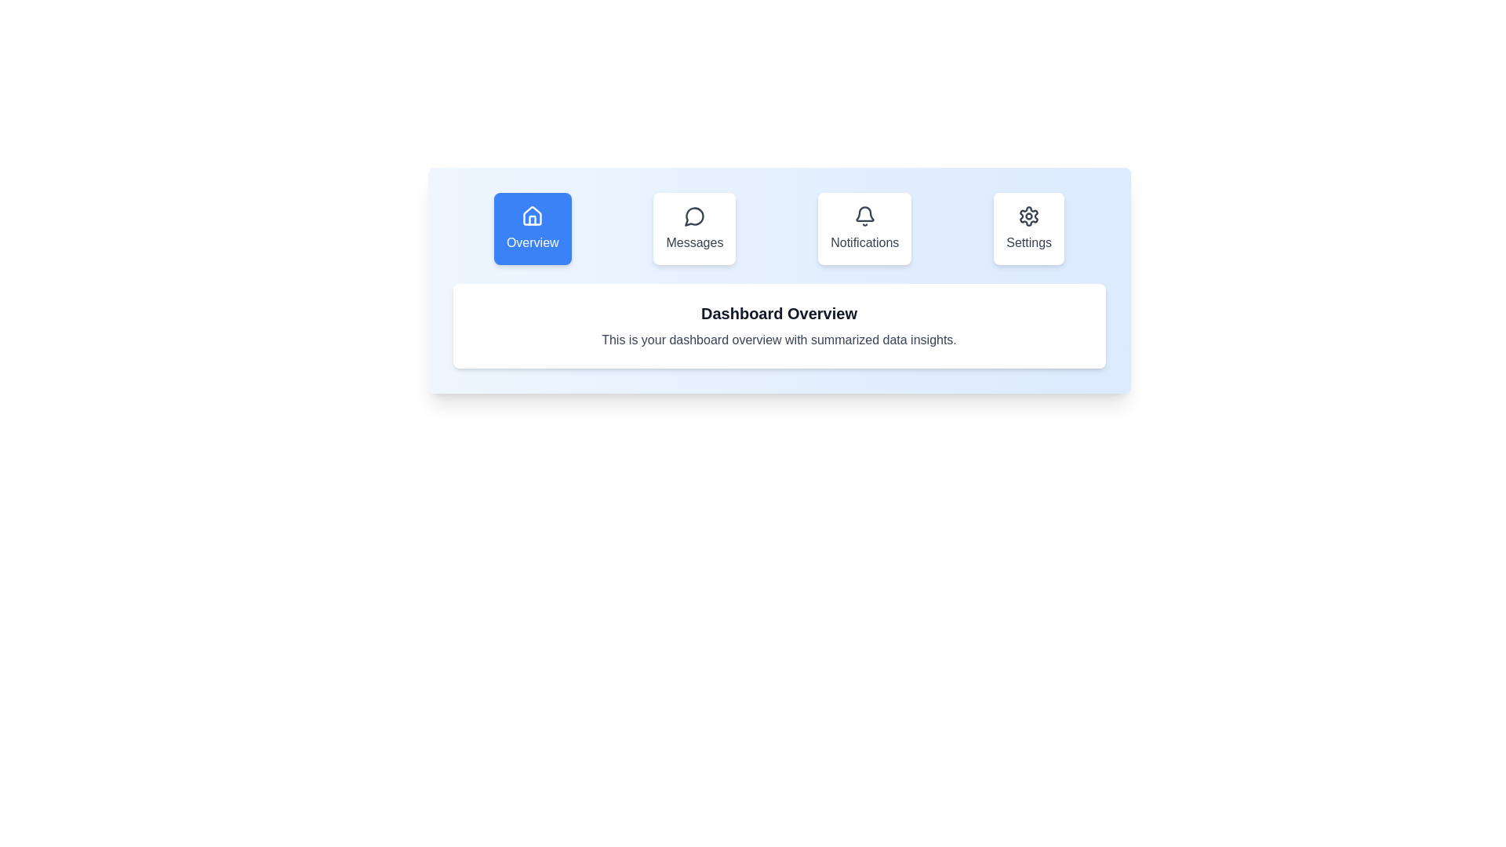 This screenshot has height=847, width=1506. What do you see at coordinates (864, 229) in the screenshot?
I see `the 'Notifications' button featuring a bell icon` at bounding box center [864, 229].